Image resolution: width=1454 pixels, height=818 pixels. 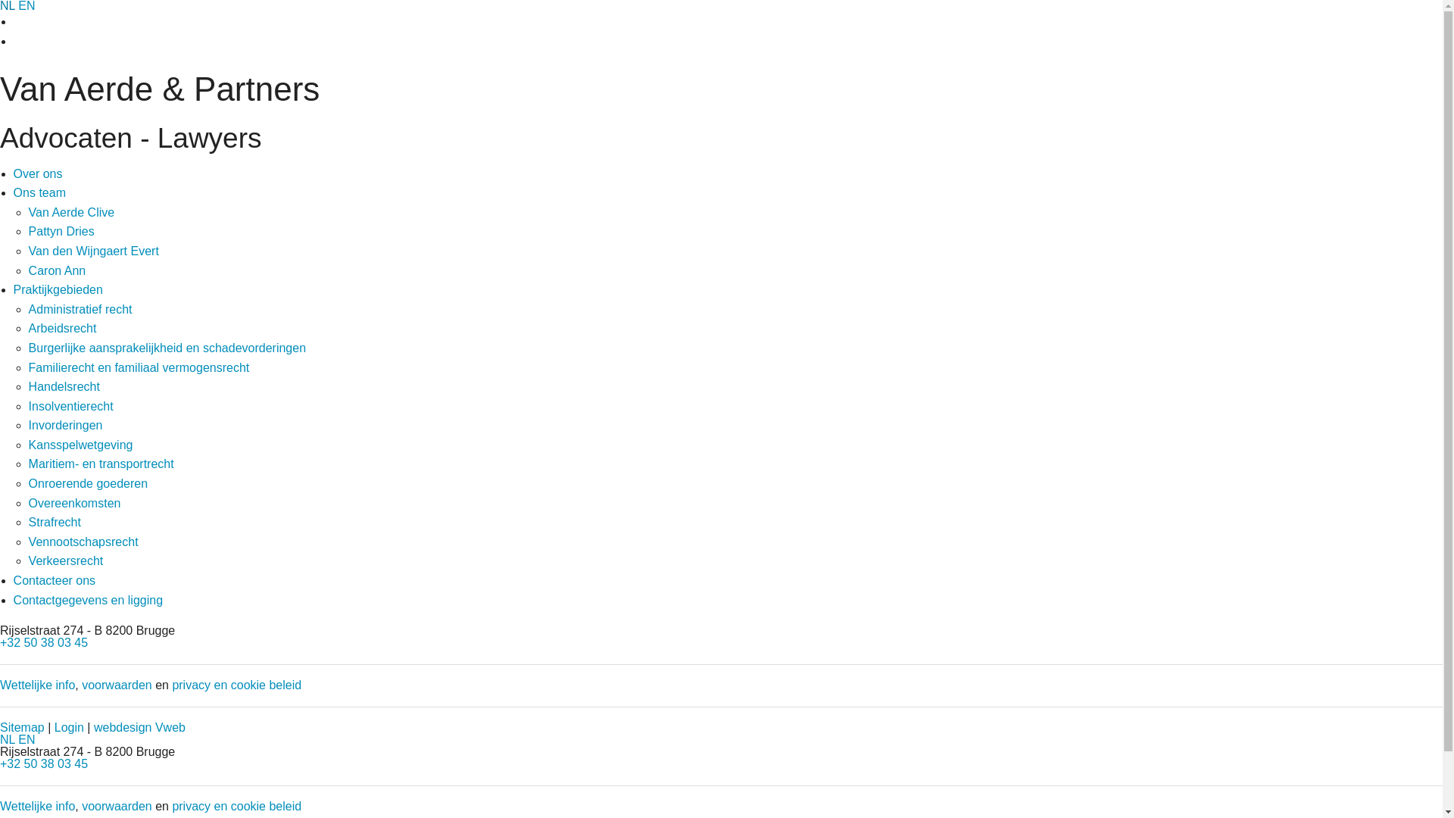 What do you see at coordinates (167, 348) in the screenshot?
I see `'Burgerlijke aansprakelijkheid en schadevorderingen'` at bounding box center [167, 348].